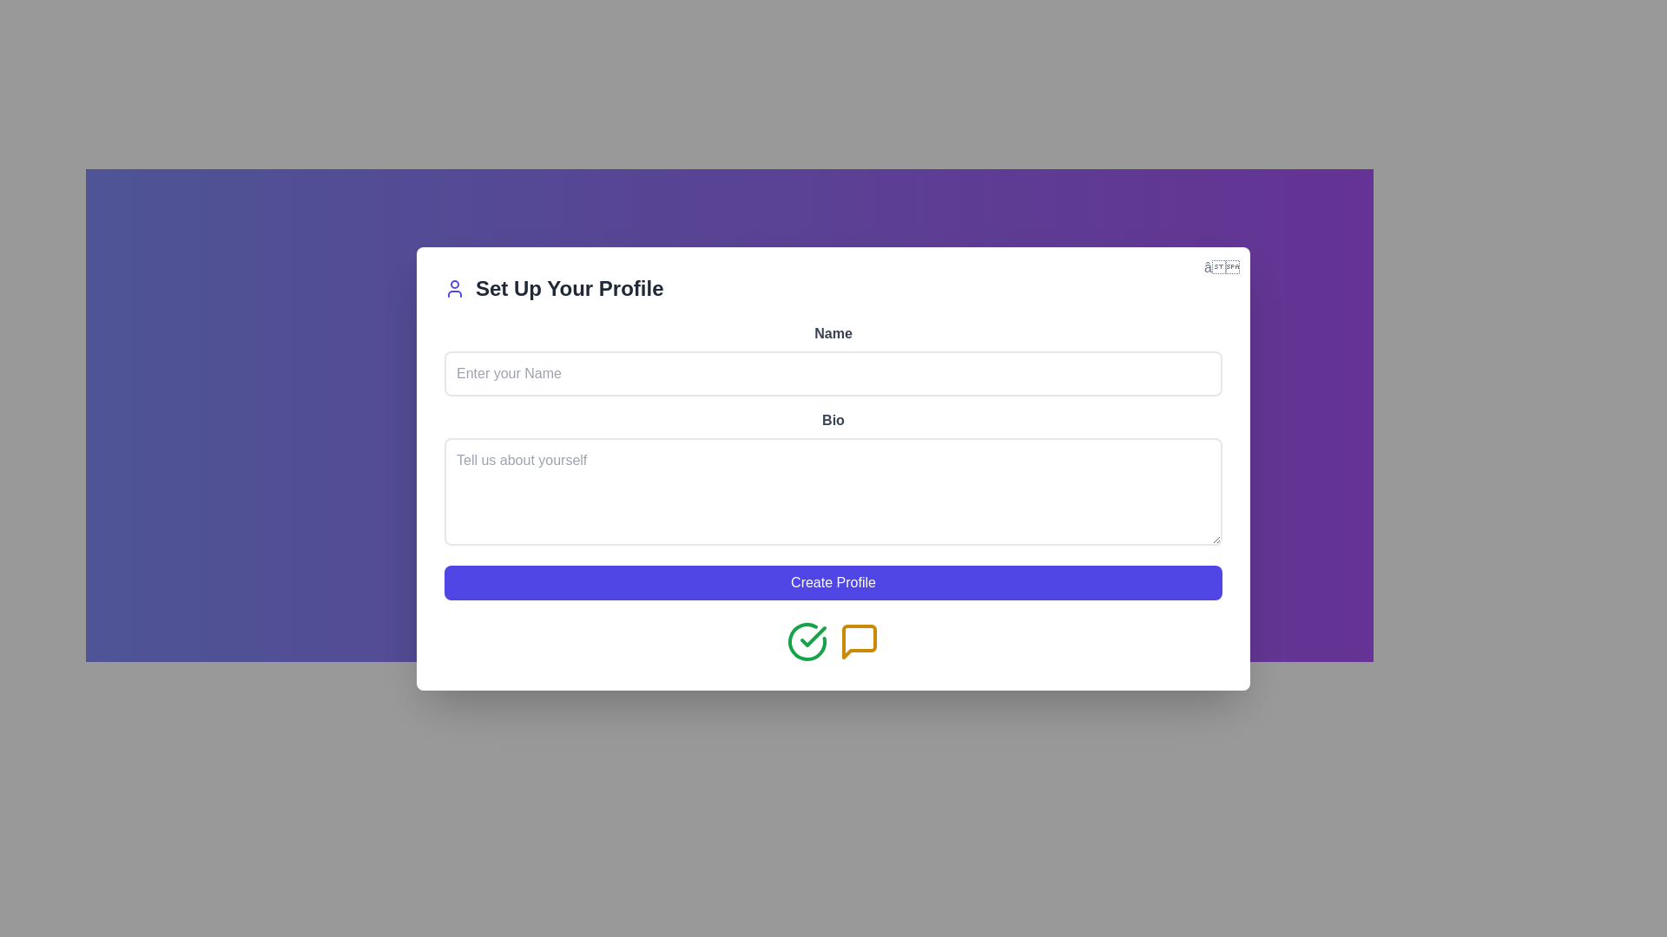 This screenshot has height=937, width=1667. What do you see at coordinates (807, 641) in the screenshot?
I see `the success confirmation icon located at the bottom-center of the interface, to the left of the 'Create Profile' button` at bounding box center [807, 641].